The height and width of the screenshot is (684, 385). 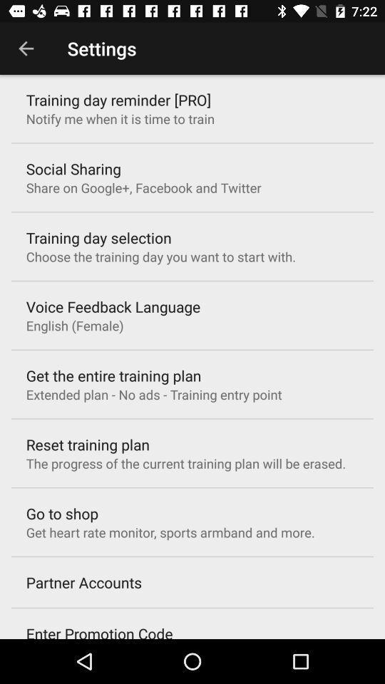 What do you see at coordinates (112, 306) in the screenshot?
I see `voice feedback language item` at bounding box center [112, 306].